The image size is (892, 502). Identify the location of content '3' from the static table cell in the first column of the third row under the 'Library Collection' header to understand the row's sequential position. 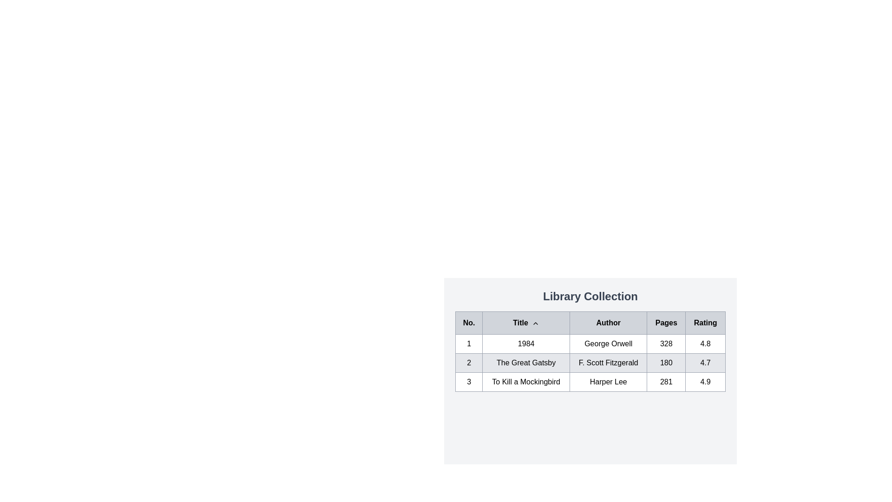
(469, 382).